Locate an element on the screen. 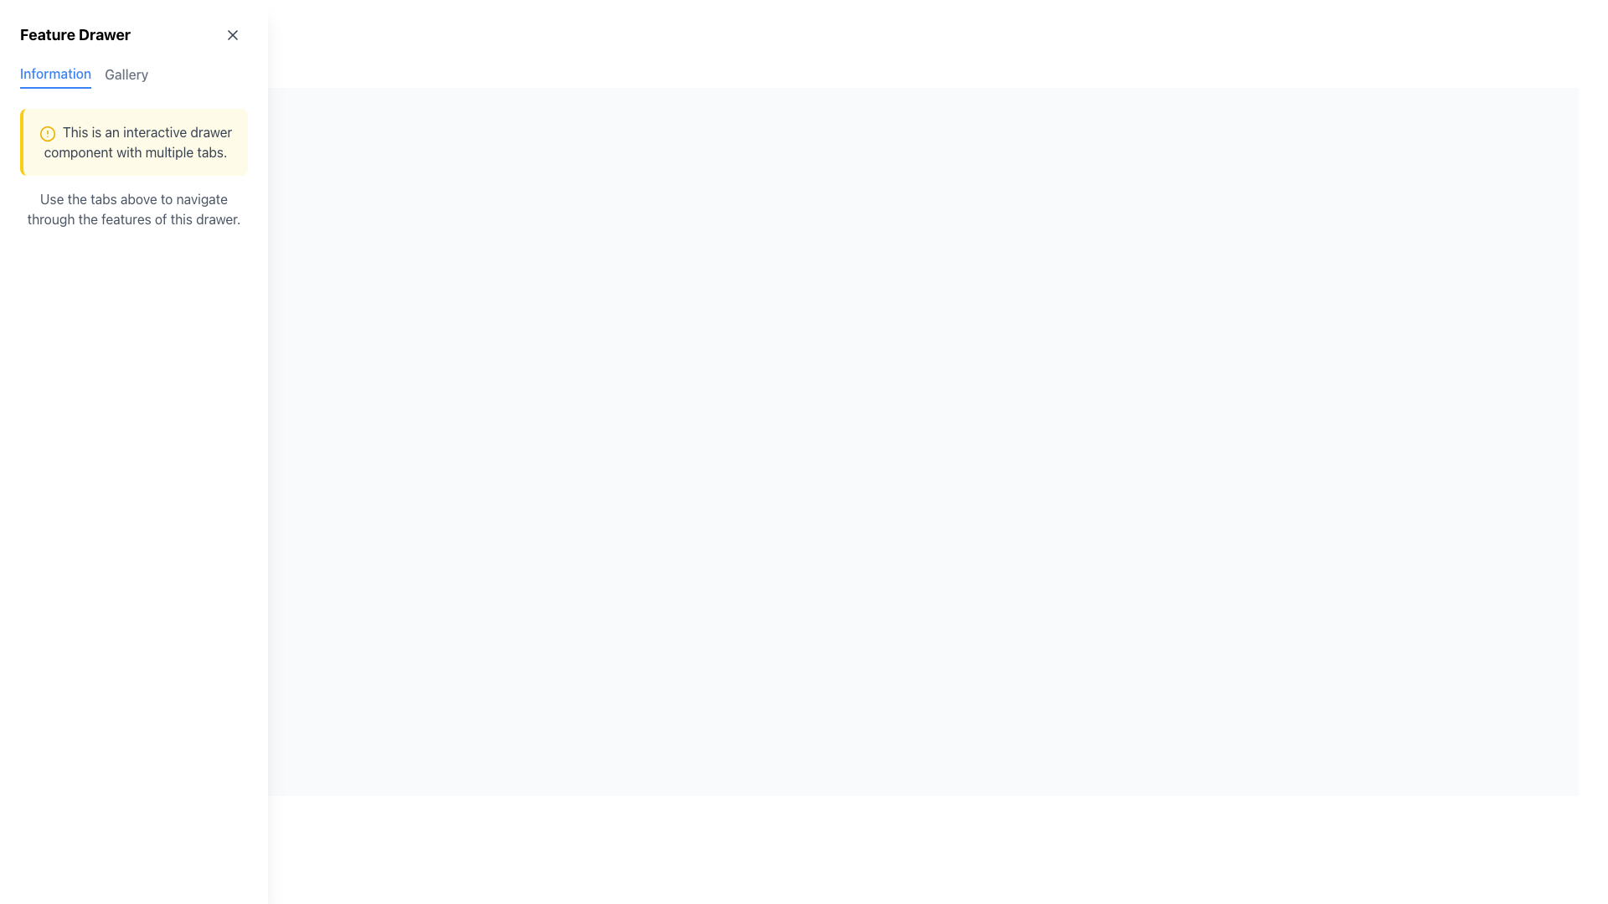  the first tab labeled 'Information' at the top-left corner of the tab group is located at coordinates (55, 76).